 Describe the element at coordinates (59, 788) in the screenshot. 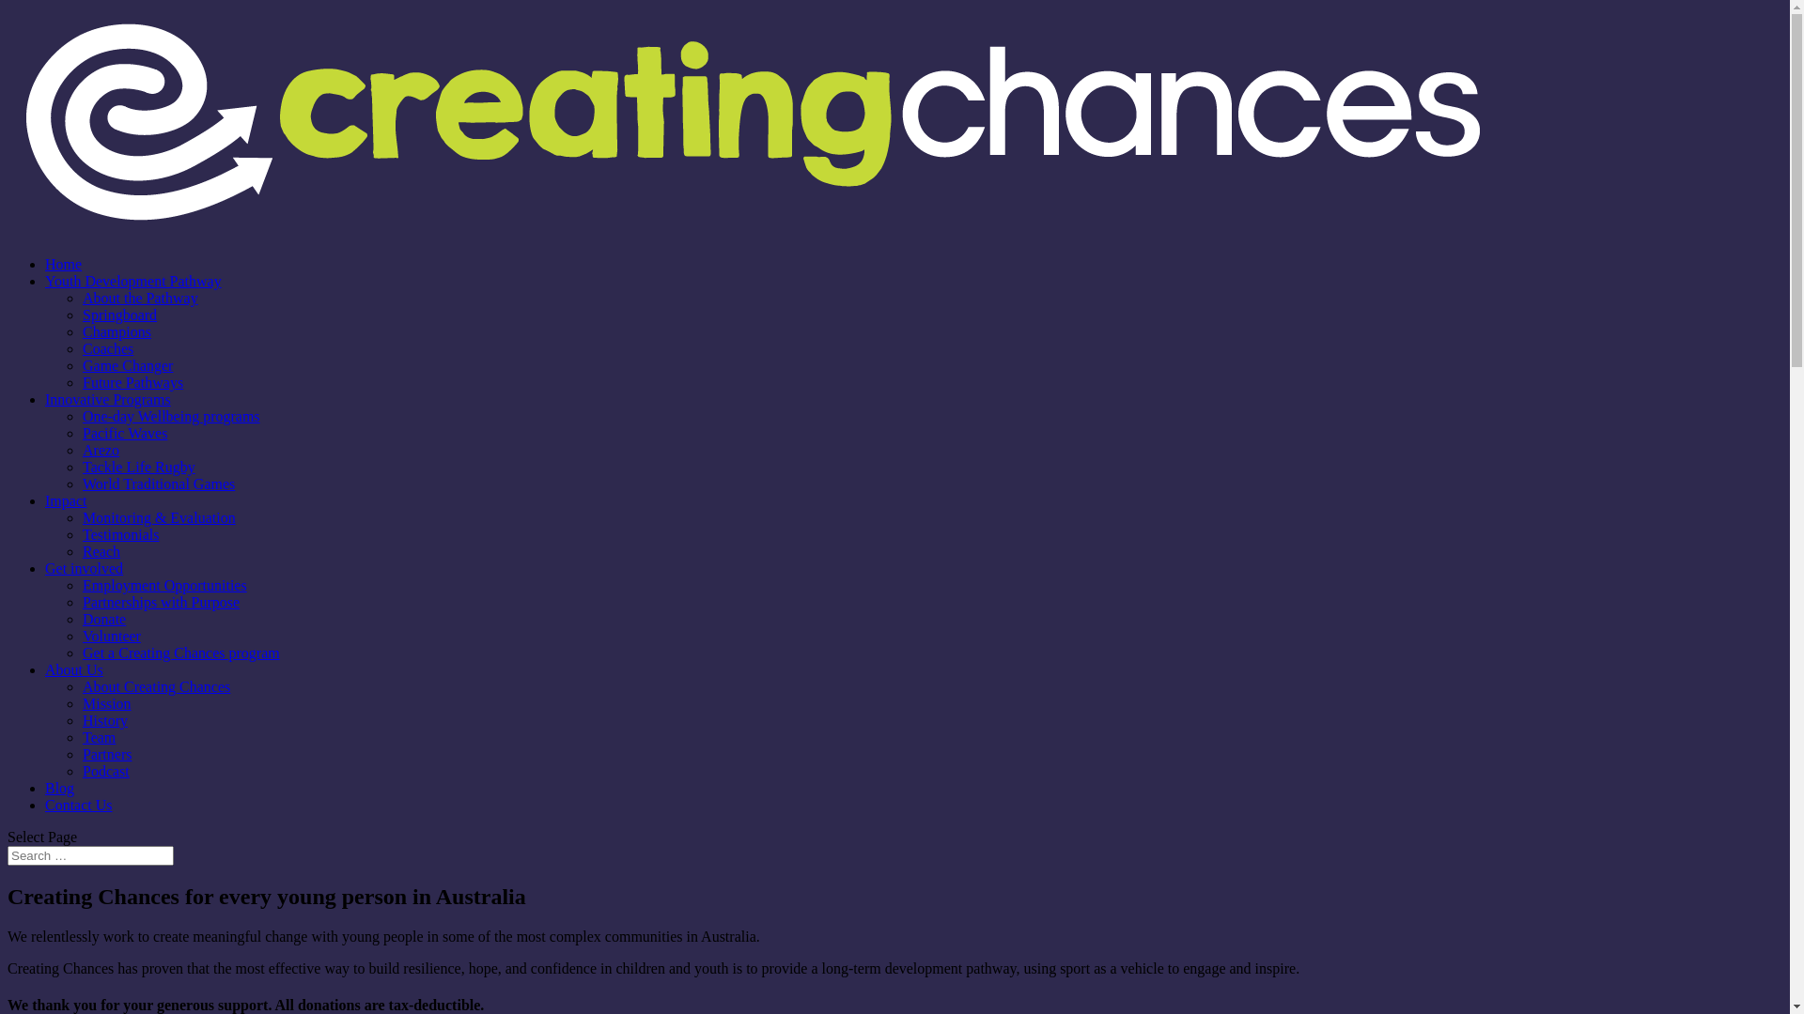

I see `'Blog'` at that location.